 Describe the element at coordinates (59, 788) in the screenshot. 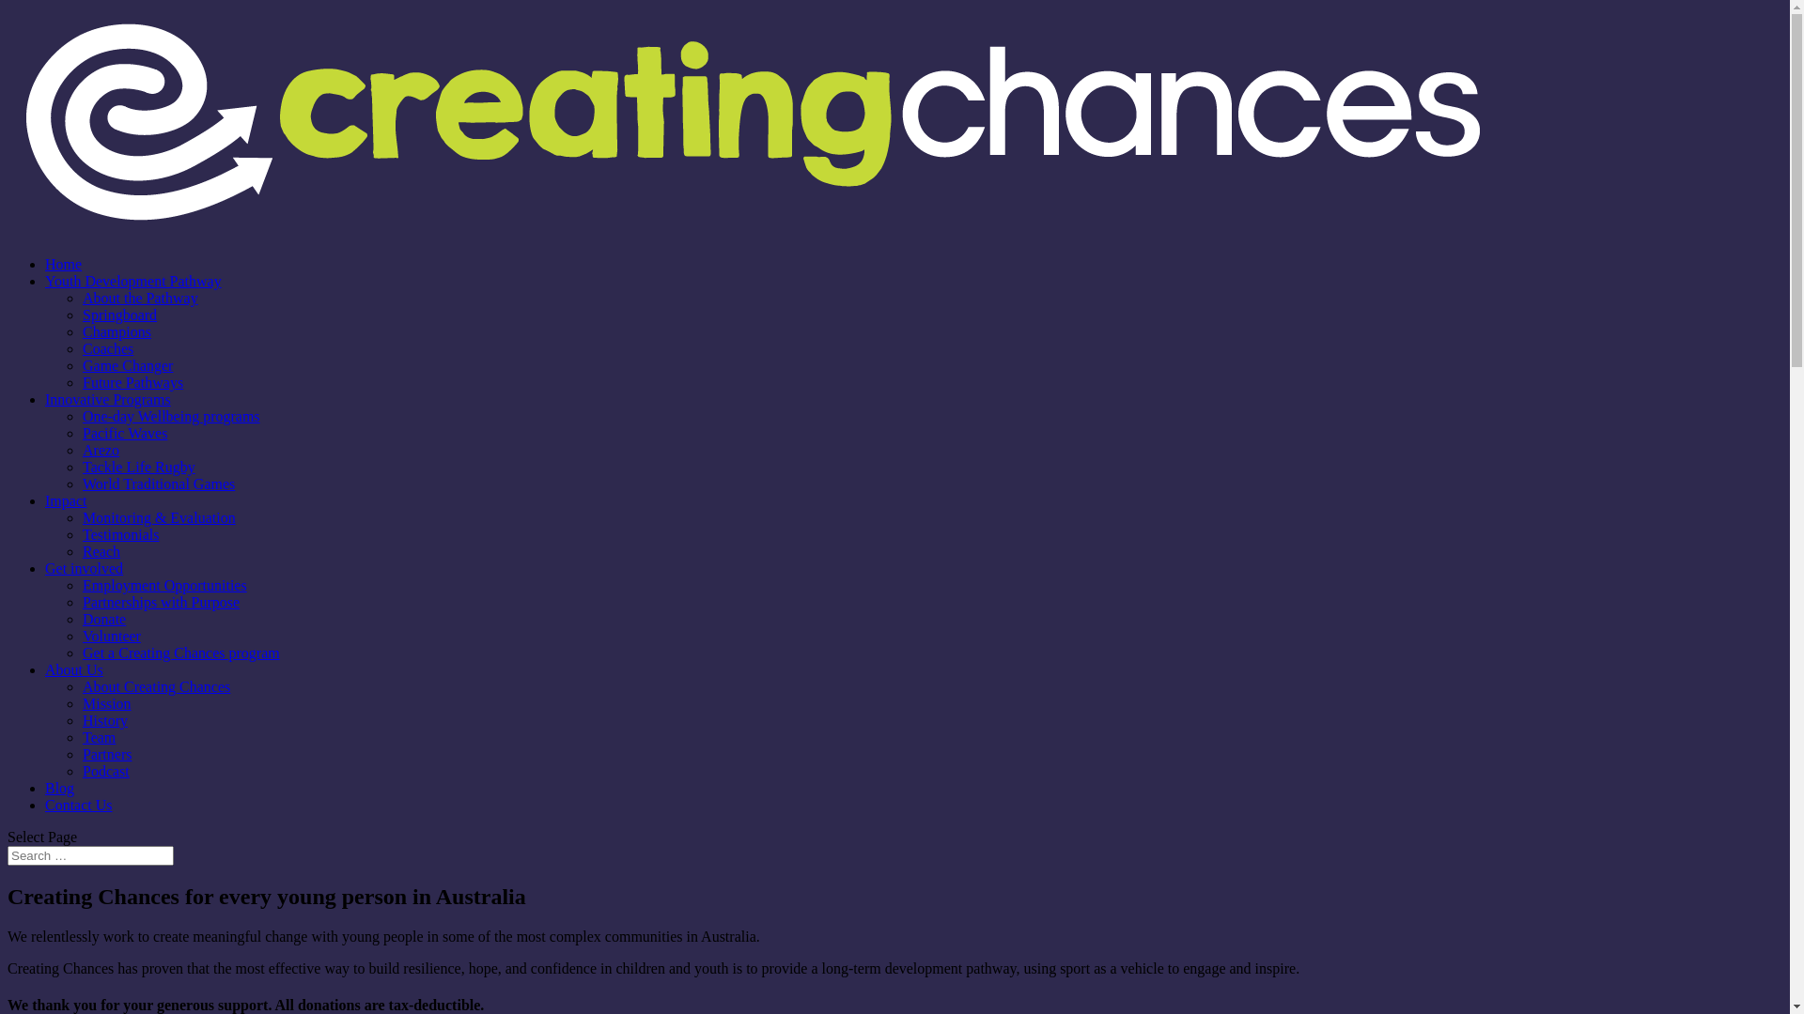

I see `'Blog'` at that location.